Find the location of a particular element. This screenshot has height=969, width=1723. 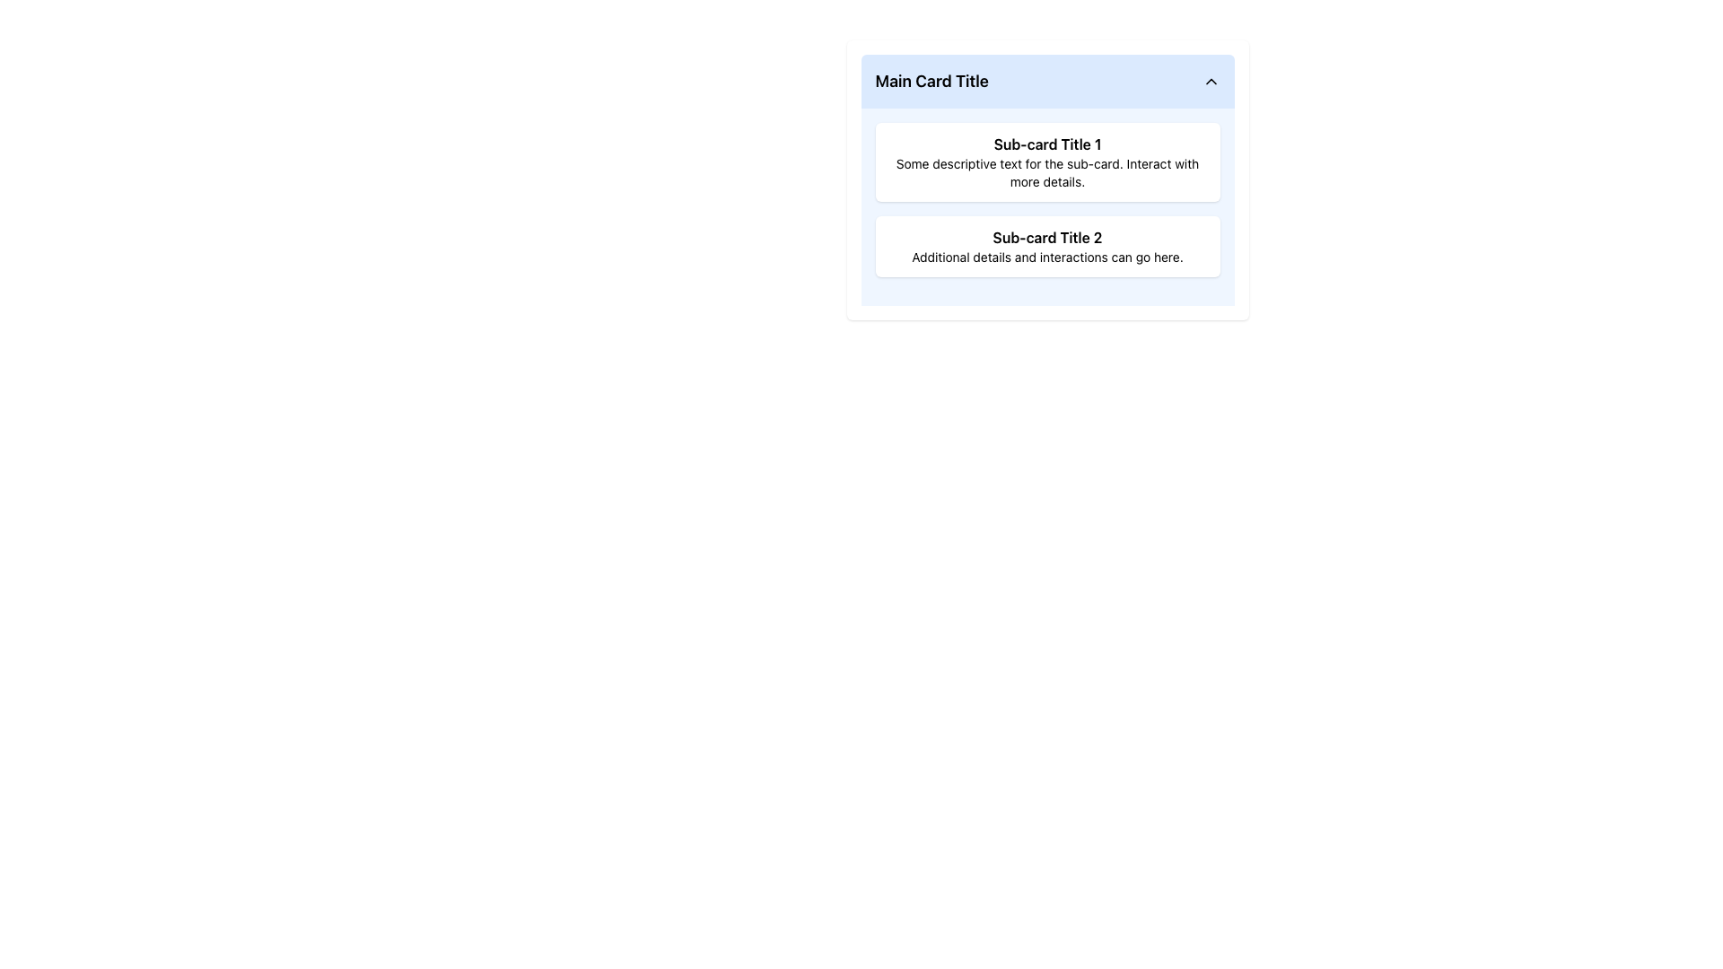

the static text content that reads 'Some descriptive text for the sub-card. Interact with more details.' located below 'Sub-card Title 1' in the first sub-card of 'Main Card Title' is located at coordinates (1047, 172).